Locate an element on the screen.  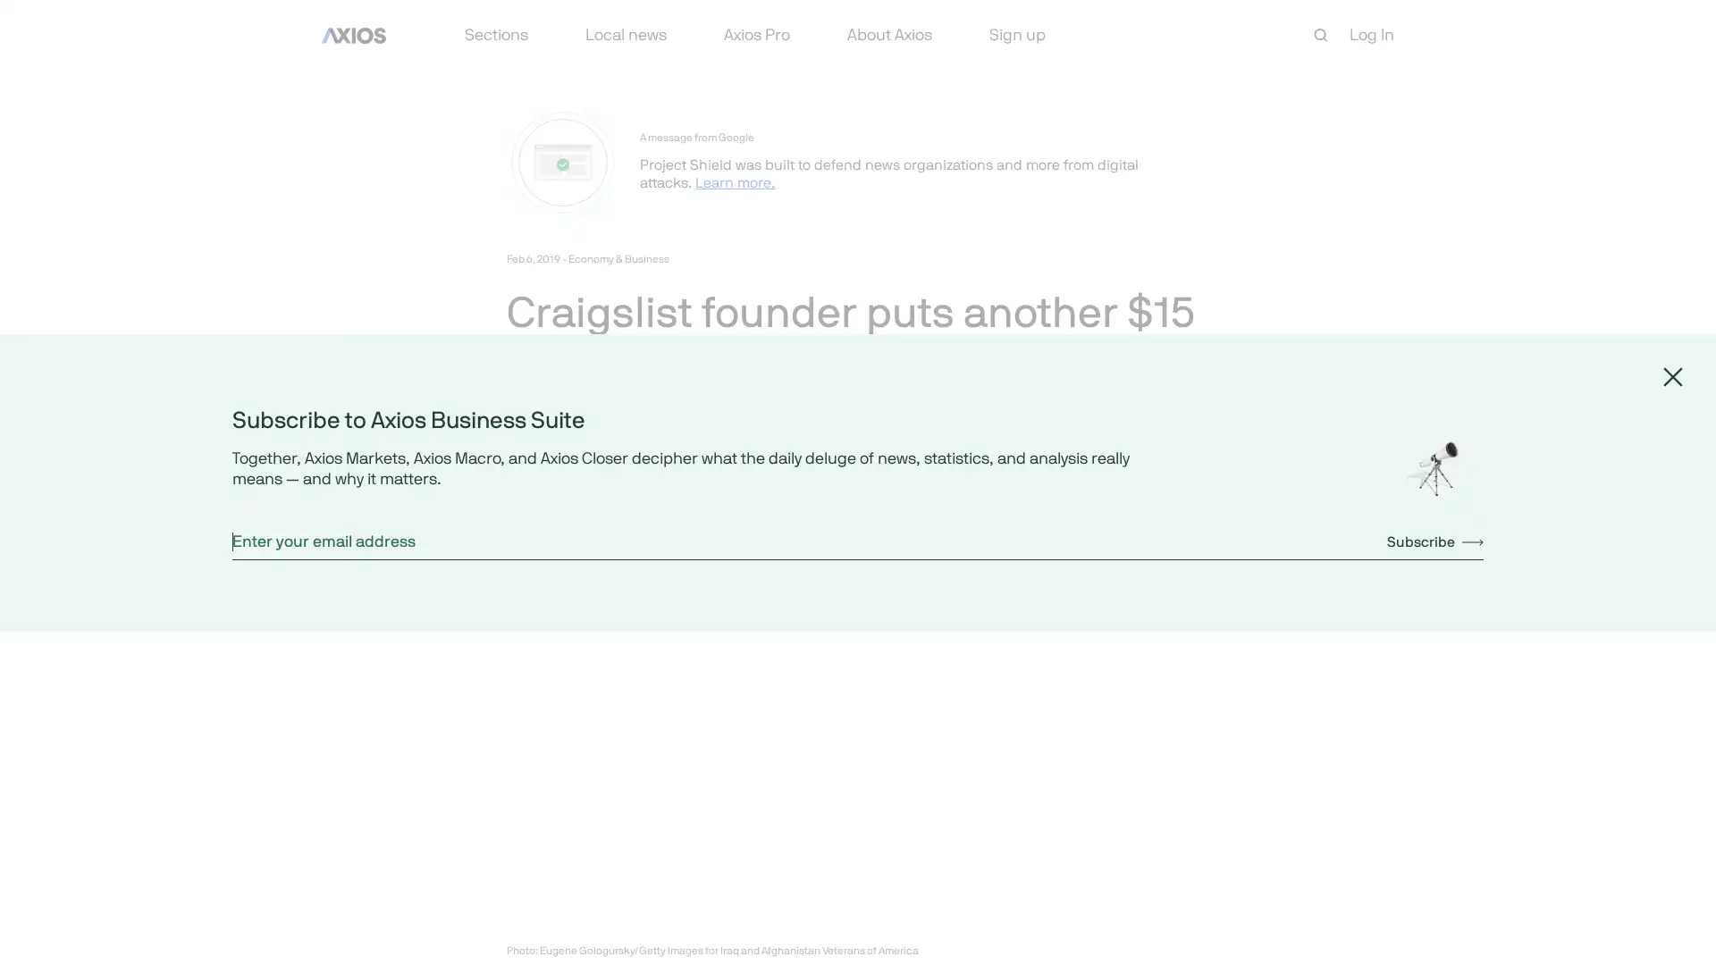
open search is located at coordinates (1321, 35).